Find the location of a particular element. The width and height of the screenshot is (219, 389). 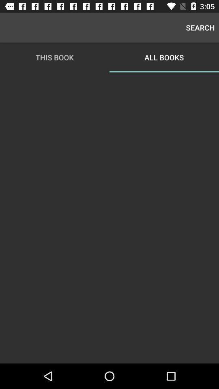

icon to the right of this book is located at coordinates (200, 28).